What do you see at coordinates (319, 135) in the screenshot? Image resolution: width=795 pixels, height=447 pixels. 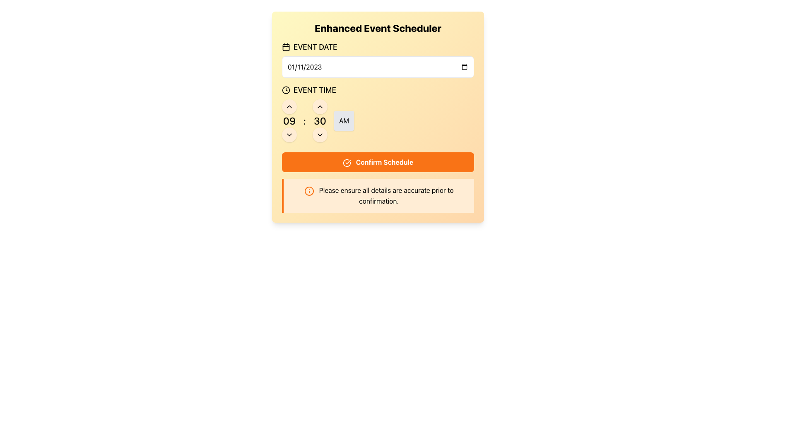 I see `the circular button with a light orange background and a downward-pointing chevron icon to decrement the value below '30'` at bounding box center [319, 135].